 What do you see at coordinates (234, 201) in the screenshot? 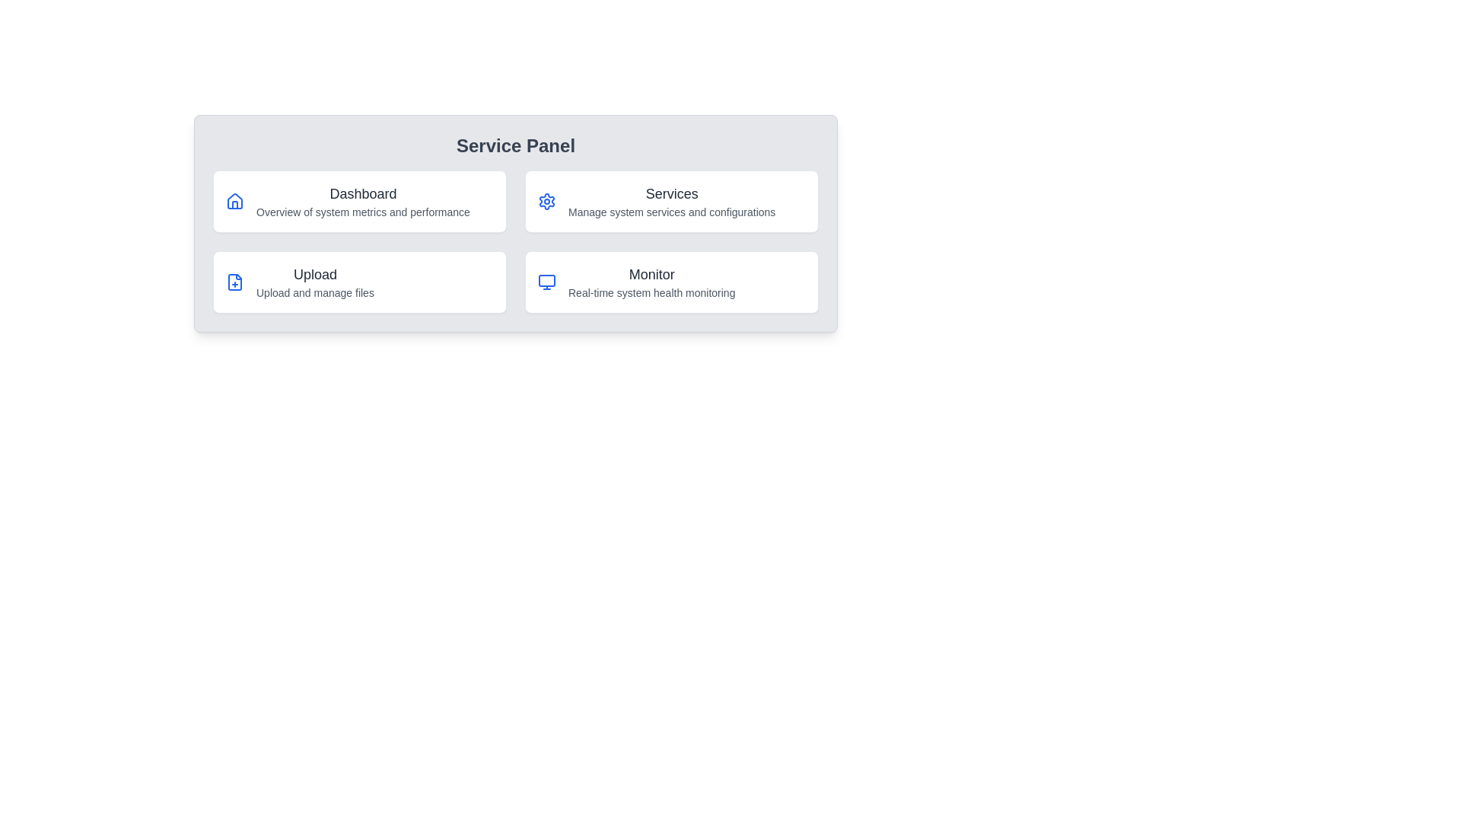
I see `the Dashboard Icon located within the 'Dashboard Overview of system metrics and performance' card as a visual cue` at bounding box center [234, 201].